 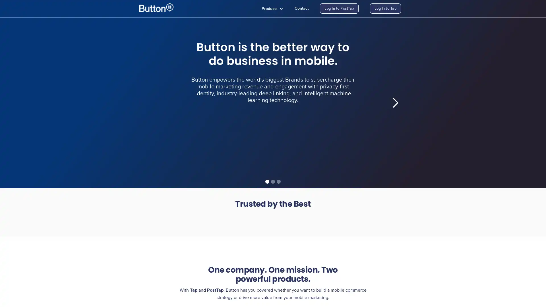 I want to click on previous slide, so click(x=150, y=103).